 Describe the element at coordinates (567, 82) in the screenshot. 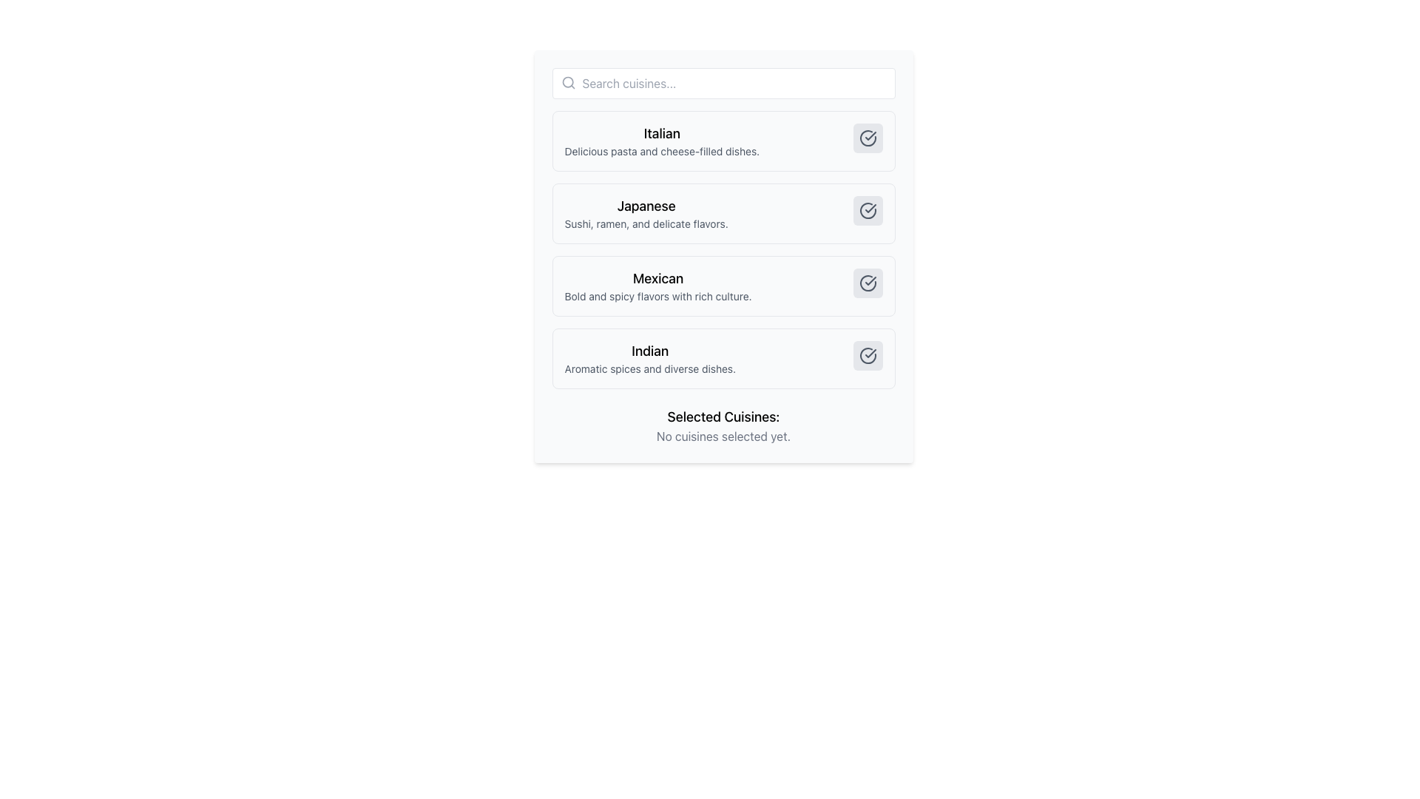

I see `the search icon located to the left of the search bar, which indicates the search functionality` at that location.